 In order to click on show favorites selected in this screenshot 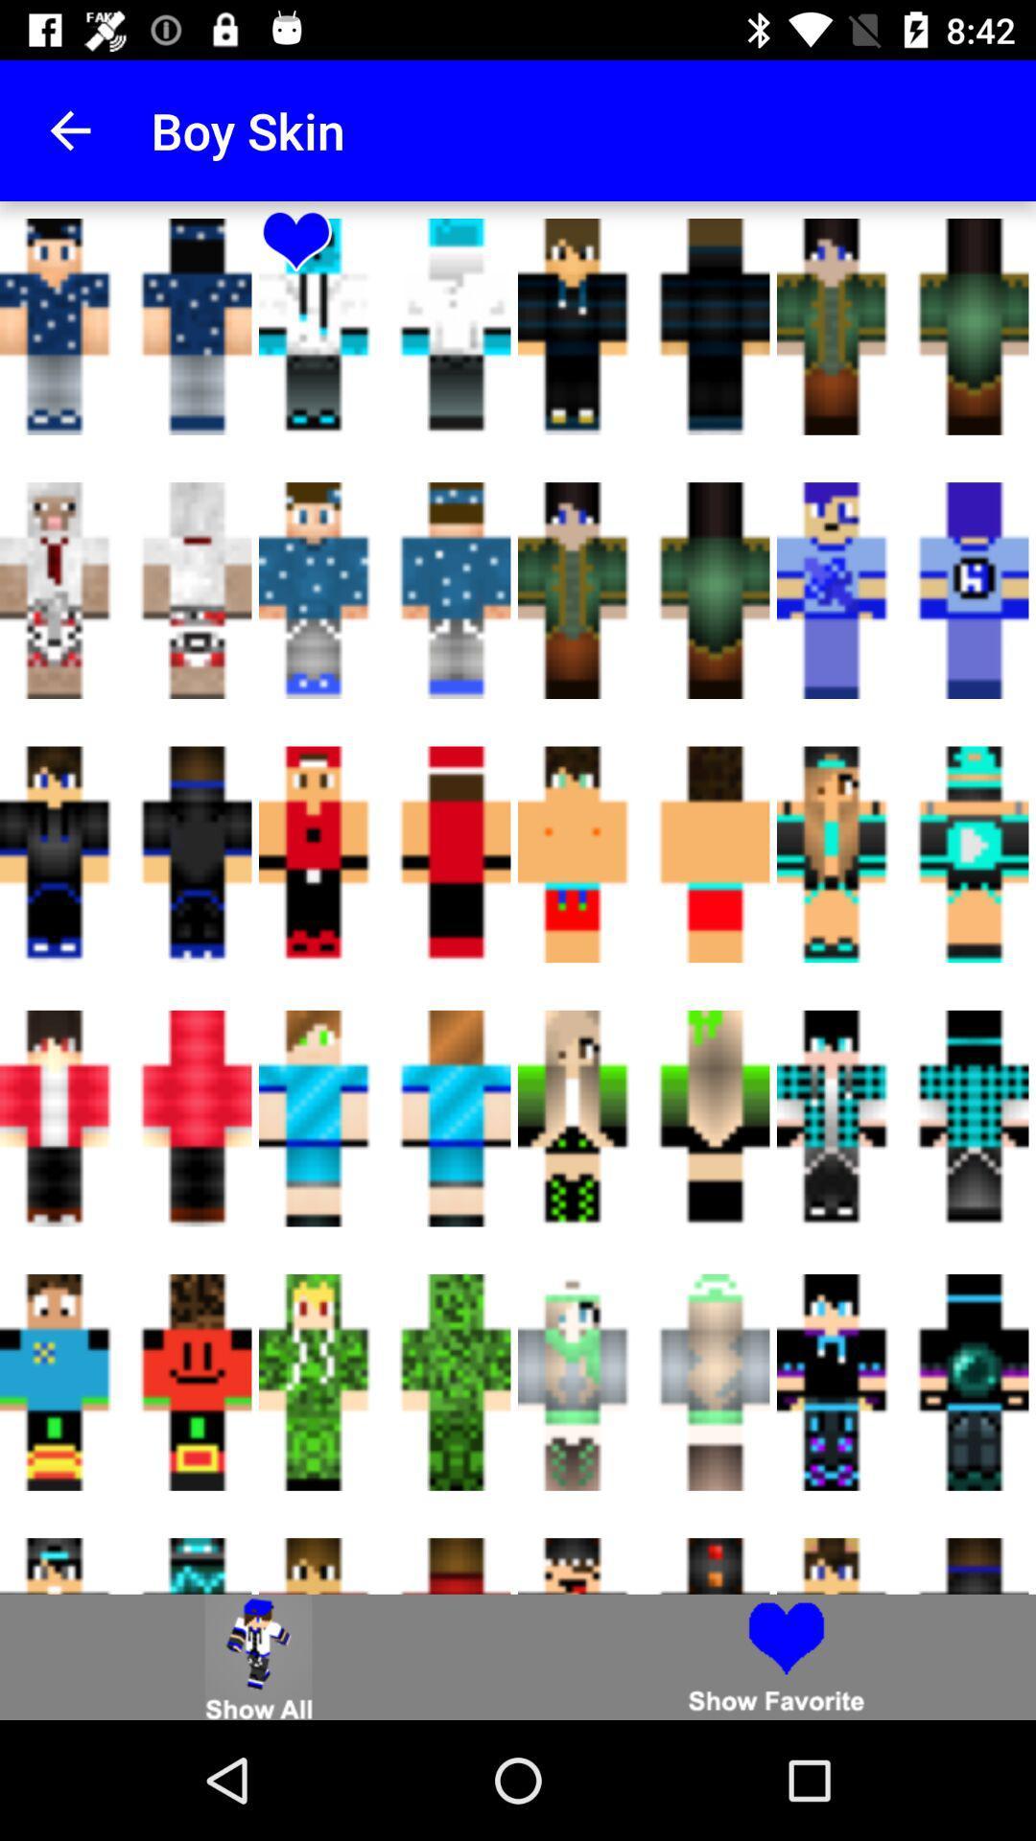, I will do `click(777, 1656)`.